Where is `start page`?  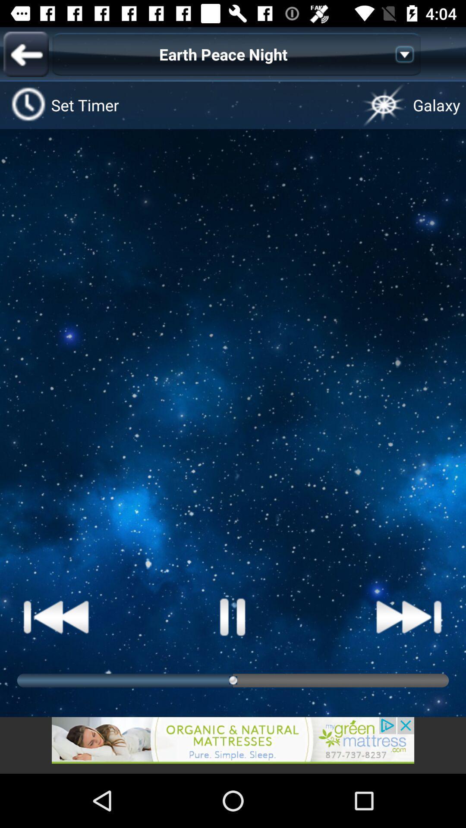
start page is located at coordinates (233, 616).